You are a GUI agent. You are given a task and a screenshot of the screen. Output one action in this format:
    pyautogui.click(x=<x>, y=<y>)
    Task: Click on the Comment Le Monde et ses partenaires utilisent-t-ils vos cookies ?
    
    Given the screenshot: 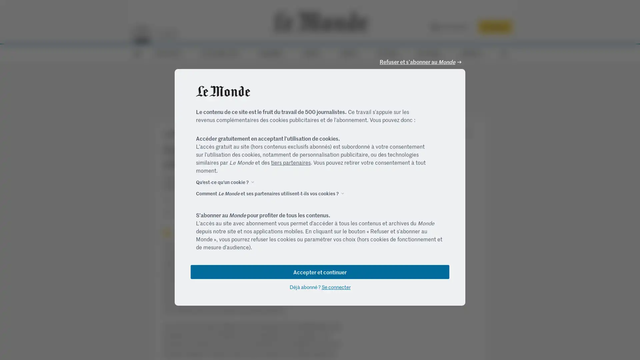 What is the action you would take?
    pyautogui.click(x=267, y=193)
    